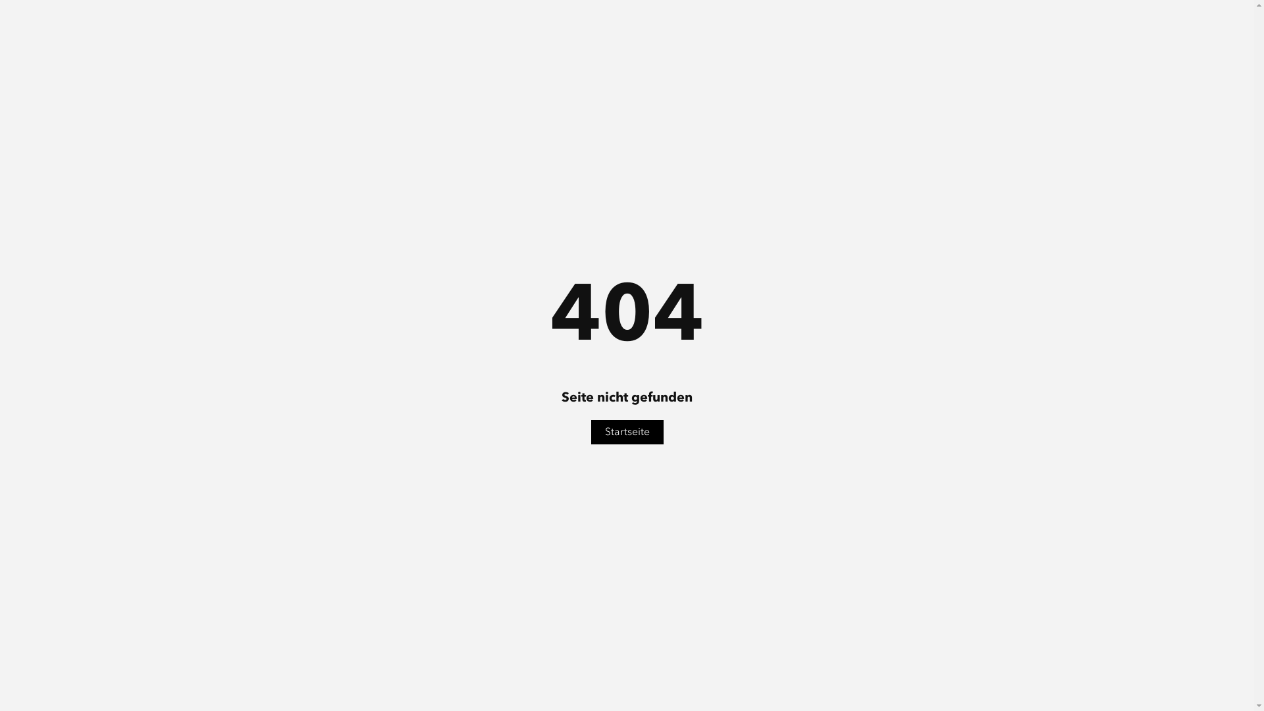 This screenshot has height=711, width=1264. Describe the element at coordinates (627, 432) in the screenshot. I see `'Startseite'` at that location.